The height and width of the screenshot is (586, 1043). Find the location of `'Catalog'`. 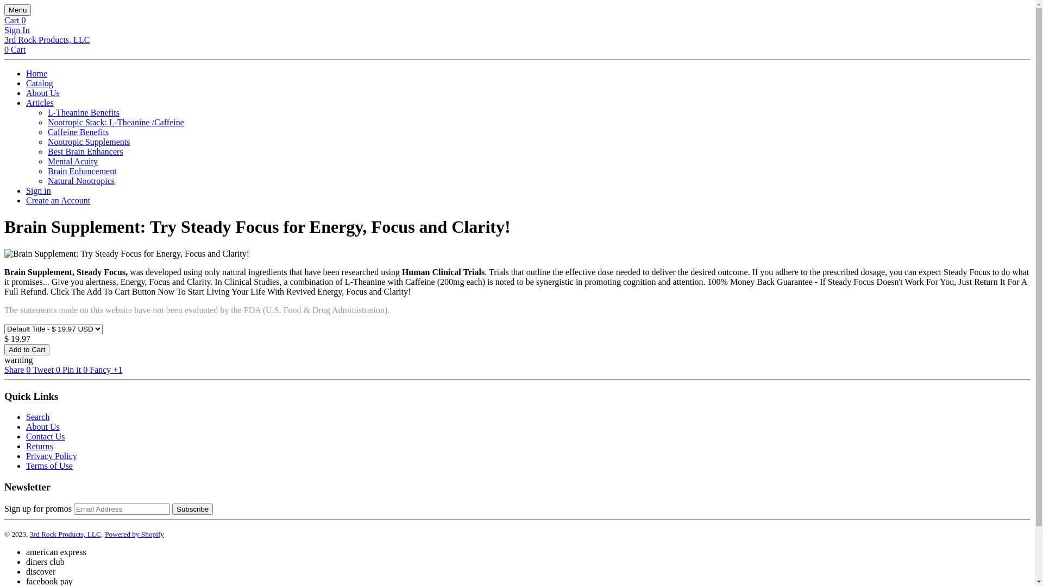

'Catalog' is located at coordinates (39, 82).